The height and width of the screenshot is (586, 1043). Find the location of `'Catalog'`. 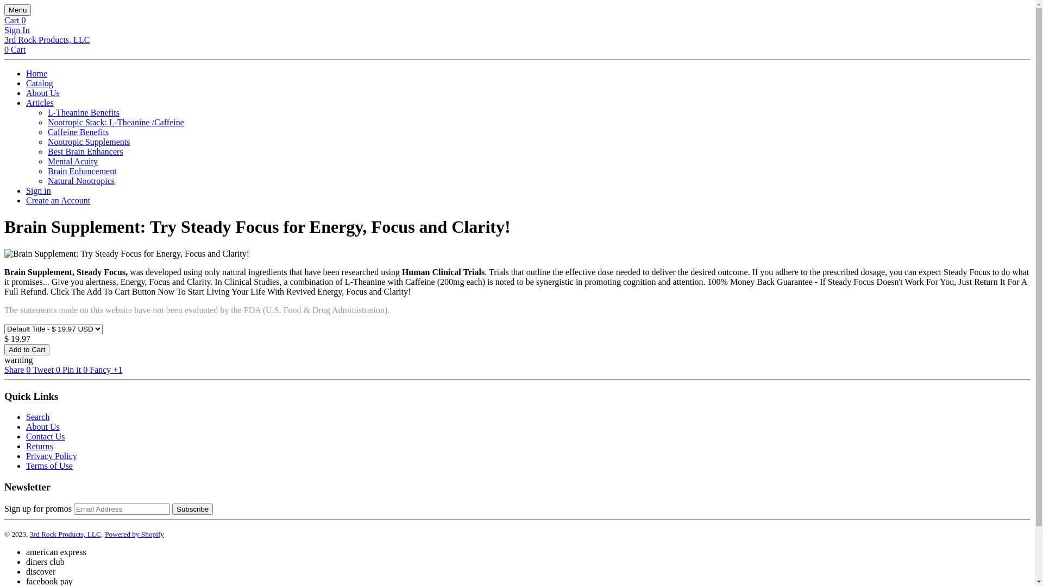

'Catalog' is located at coordinates (39, 82).